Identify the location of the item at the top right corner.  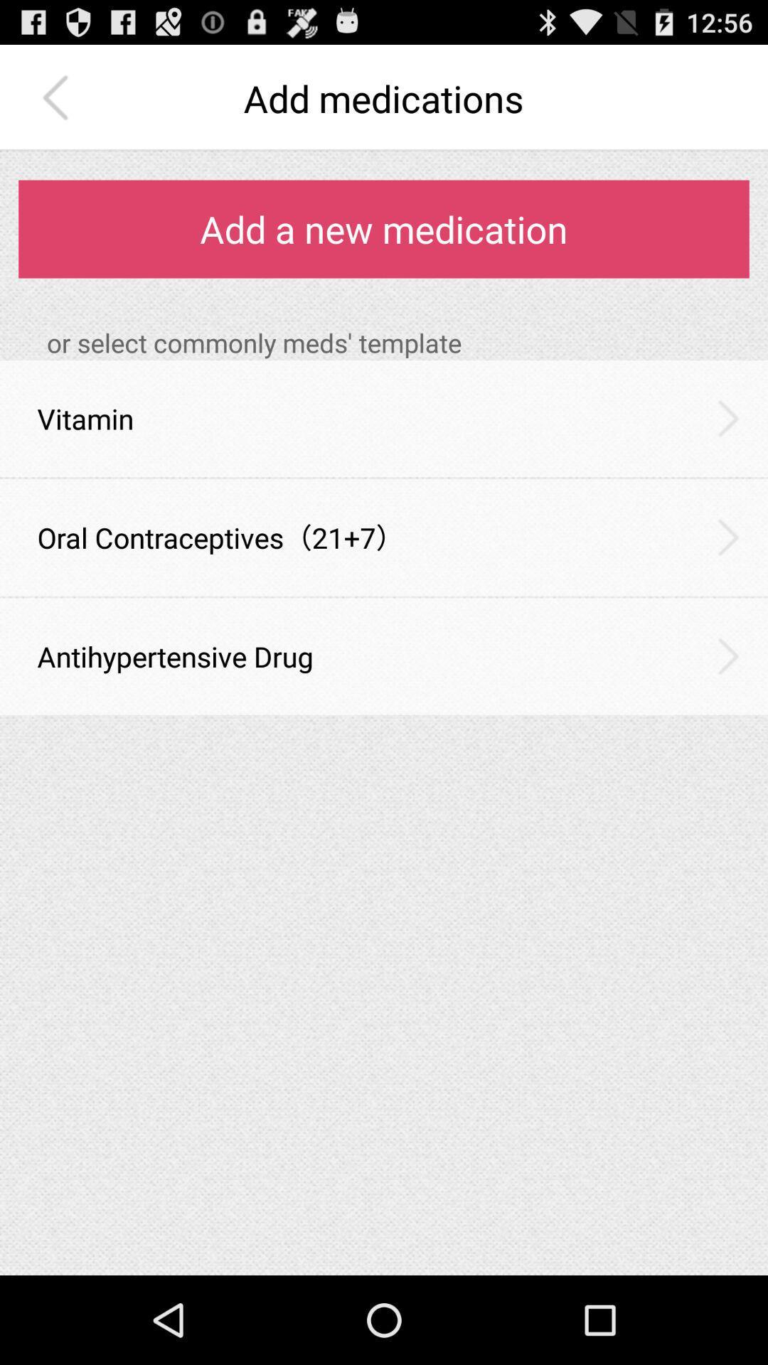
(728, 417).